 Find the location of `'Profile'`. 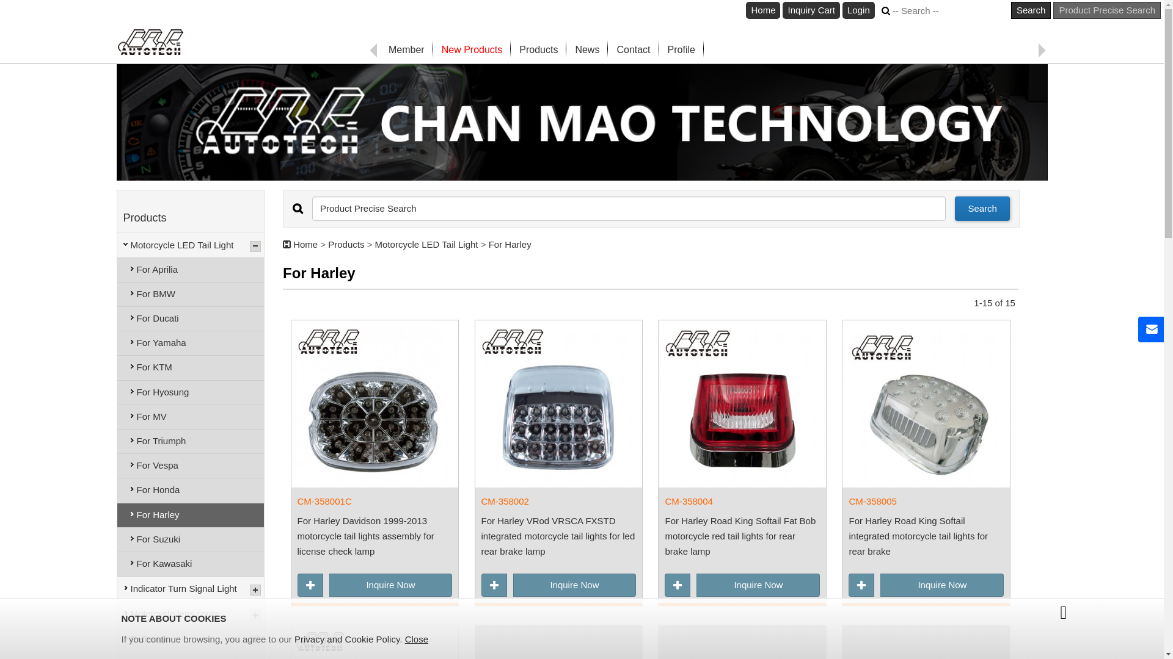

'Profile' is located at coordinates (681, 49).